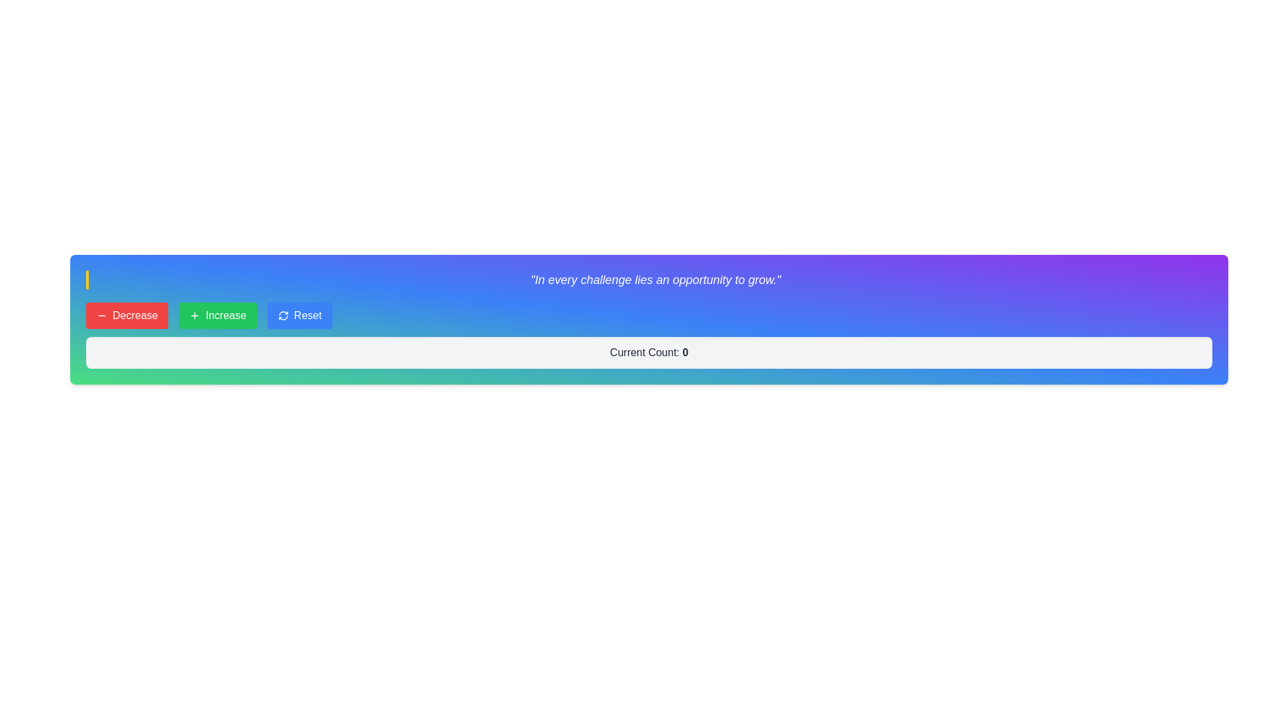  What do you see at coordinates (649, 279) in the screenshot?
I see `the Text Display element that shows the italicized quote: 'In every challenge lies an opportunity to grow.', styled with a white color and bordered by a yellow vertical line` at bounding box center [649, 279].